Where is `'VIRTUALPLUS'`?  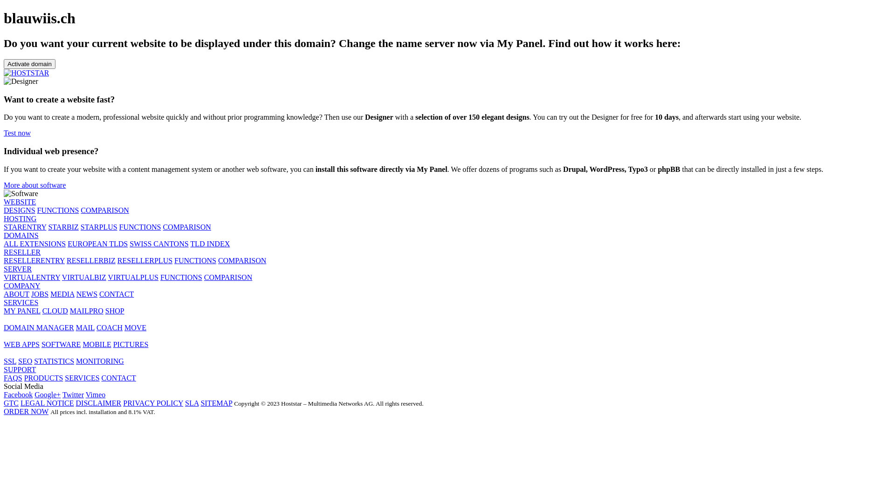
'VIRTUALPLUS' is located at coordinates (133, 277).